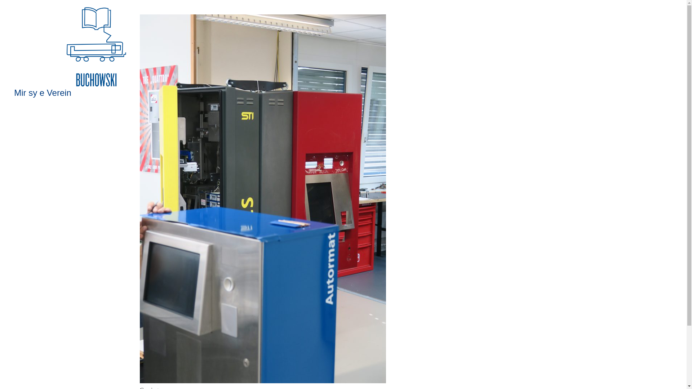 The width and height of the screenshot is (692, 389). Describe the element at coordinates (42, 92) in the screenshot. I see `'Mir sy e Verein'` at that location.